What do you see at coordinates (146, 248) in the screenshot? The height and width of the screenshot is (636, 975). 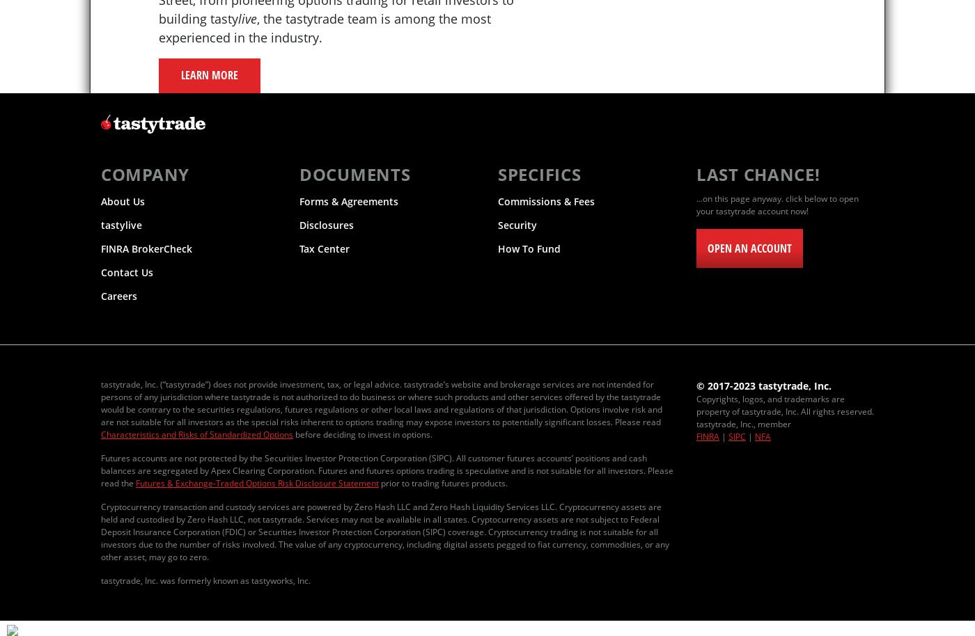 I see `'FINRA BrokerCheck'` at bounding box center [146, 248].